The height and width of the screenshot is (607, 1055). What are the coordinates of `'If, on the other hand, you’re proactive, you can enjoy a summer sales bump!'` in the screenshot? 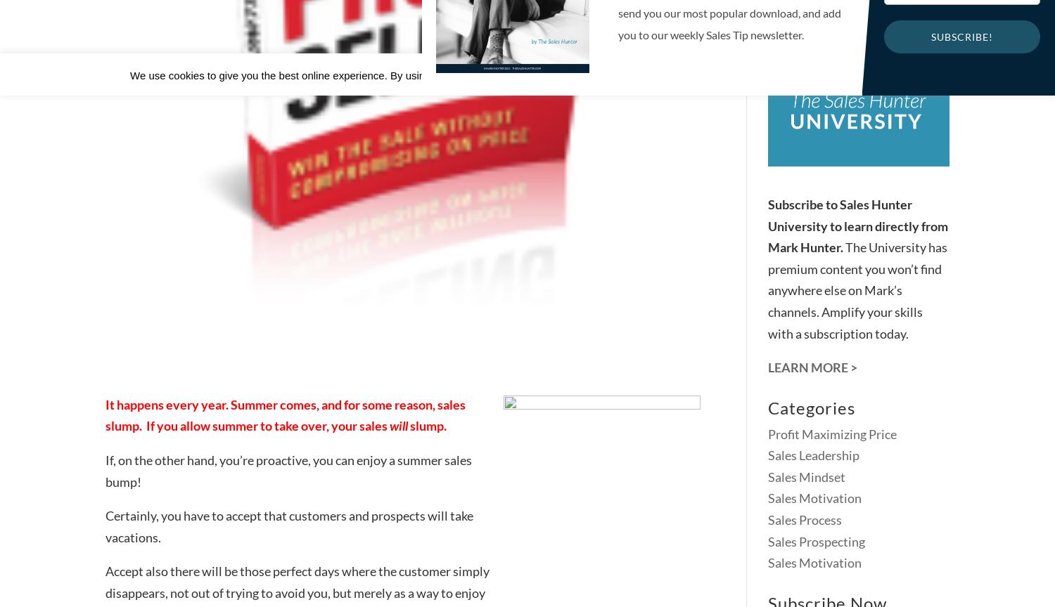 It's located at (288, 470).